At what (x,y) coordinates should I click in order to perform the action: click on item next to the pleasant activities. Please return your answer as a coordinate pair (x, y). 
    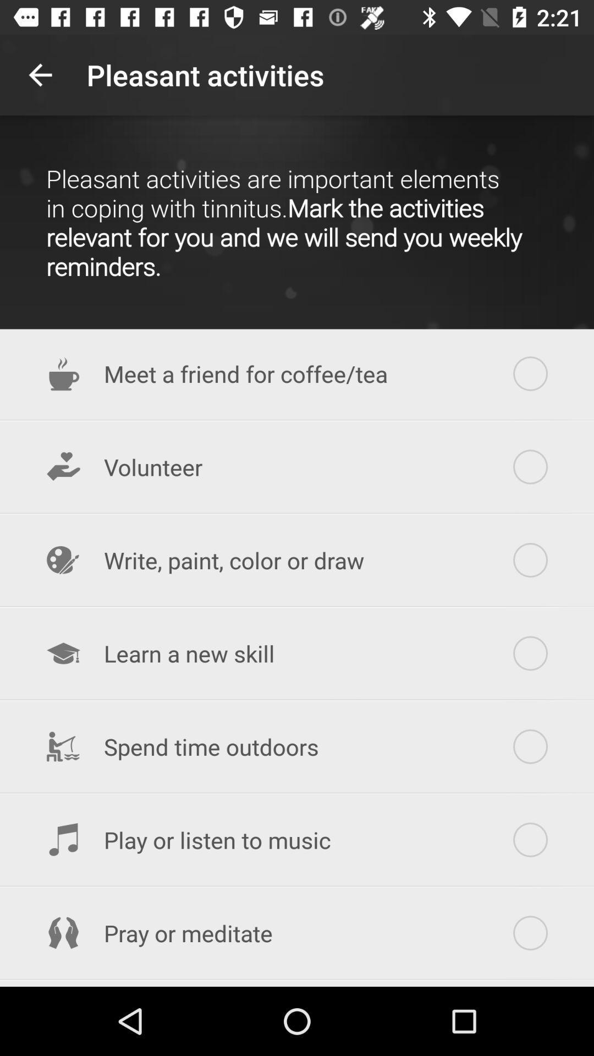
    Looking at the image, I should click on (40, 74).